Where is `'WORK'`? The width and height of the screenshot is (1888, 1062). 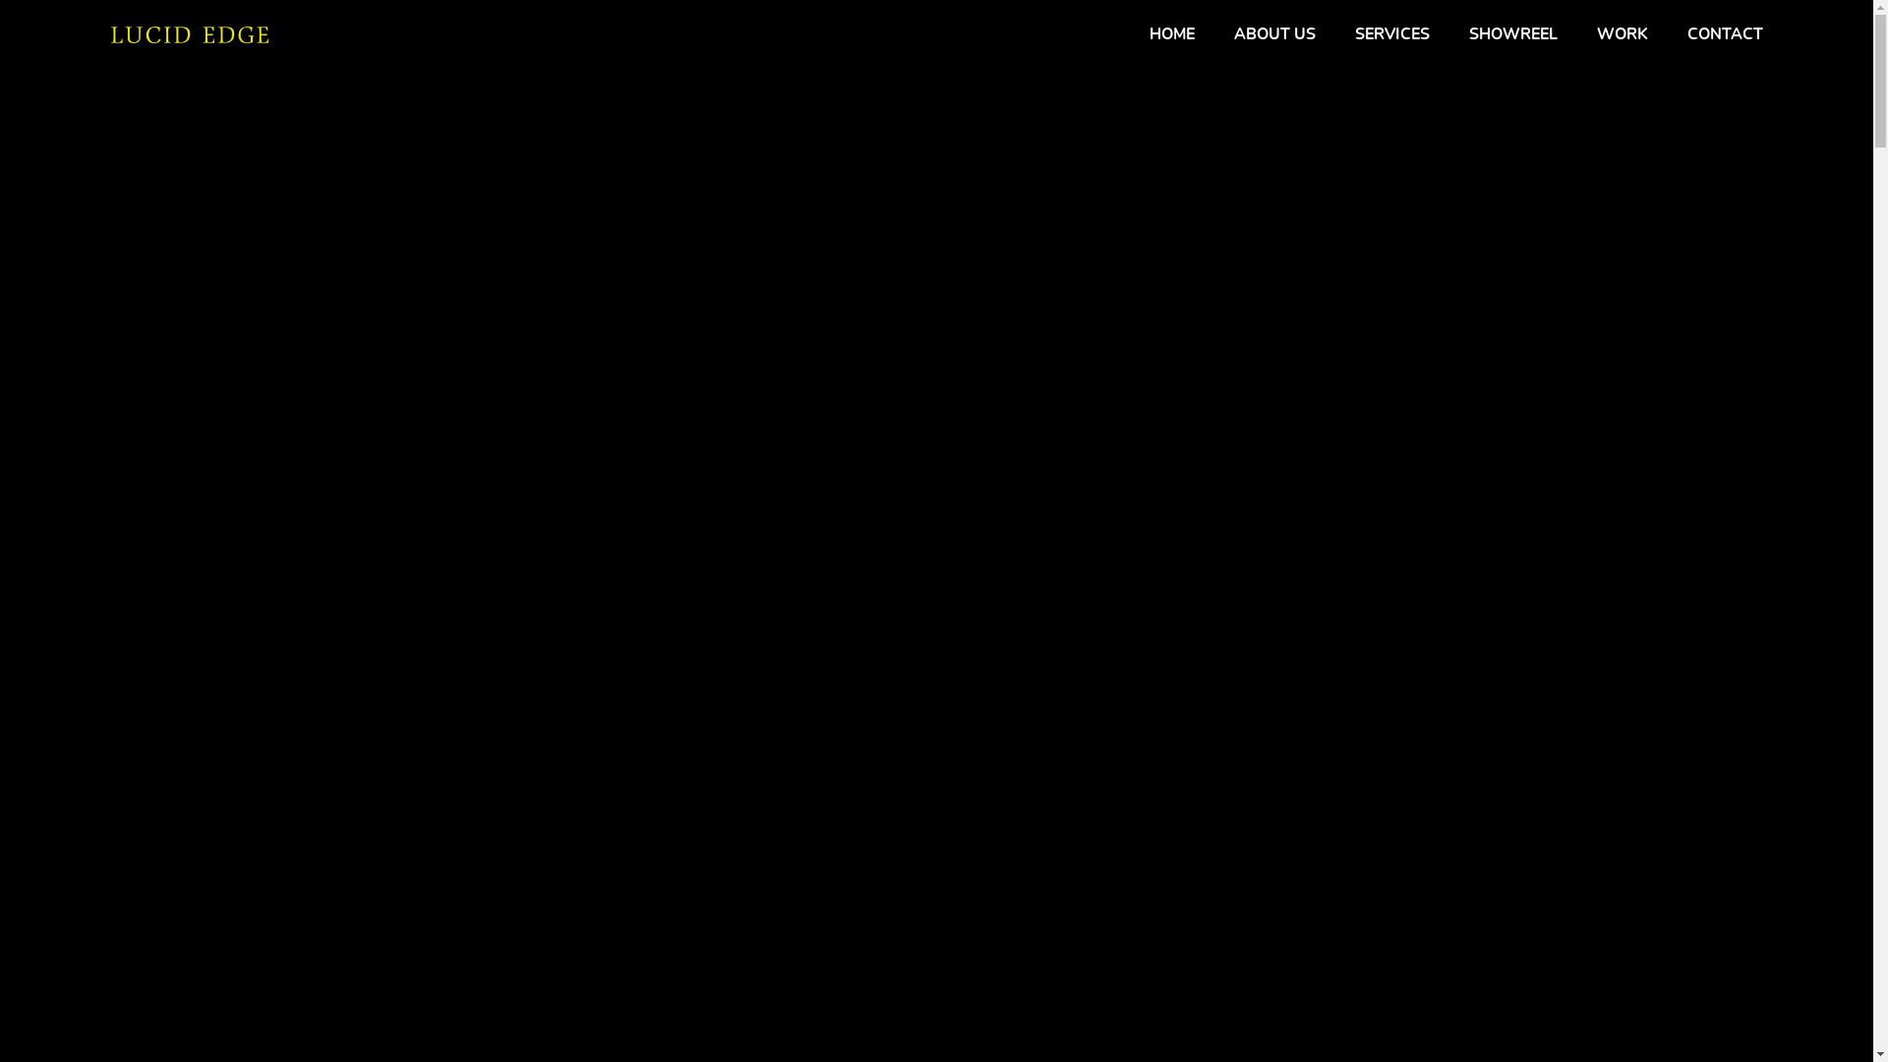 'WORK' is located at coordinates (1622, 34).